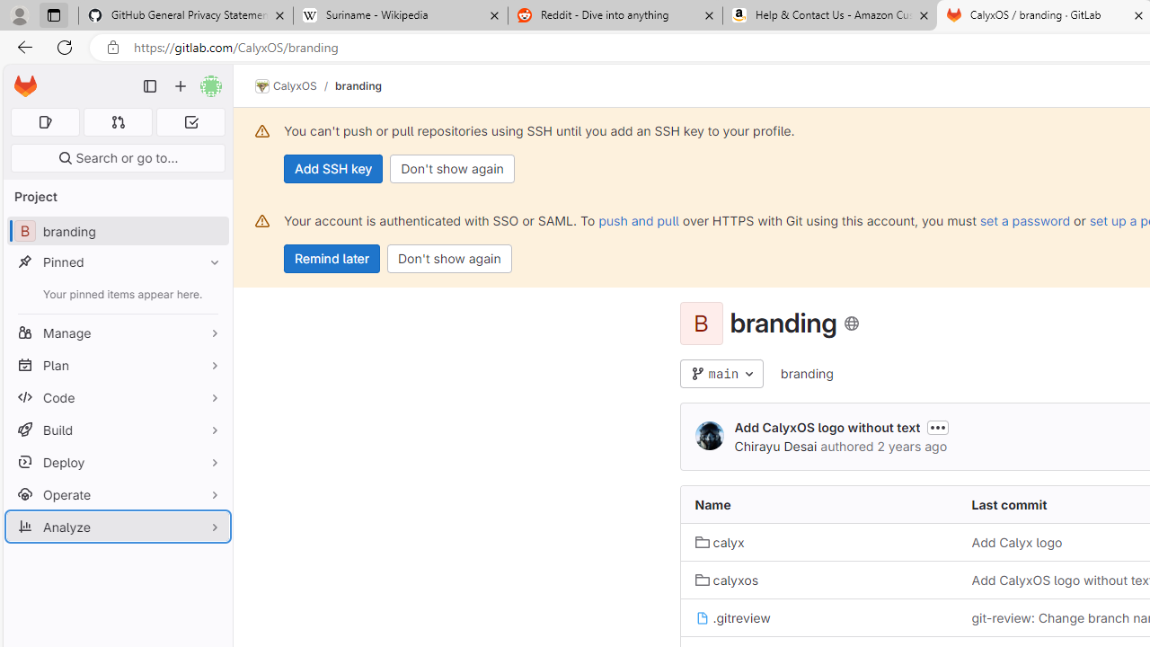 The image size is (1150, 647). I want to click on 'Create new...', so click(181, 86).